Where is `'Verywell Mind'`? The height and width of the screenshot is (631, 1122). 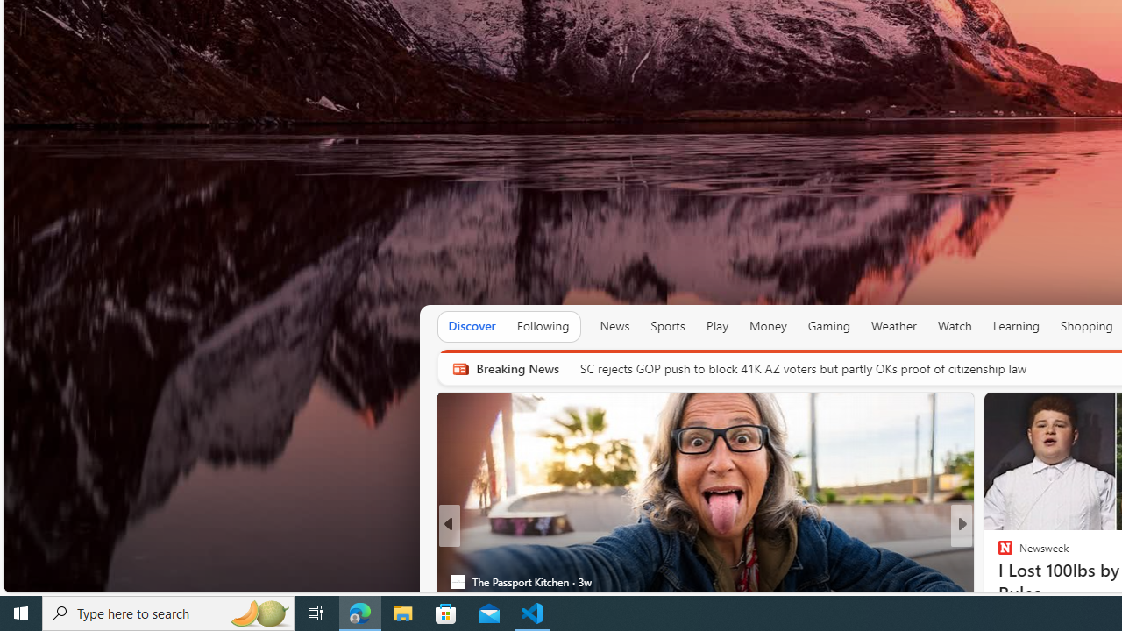
'Verywell Mind' is located at coordinates (998, 554).